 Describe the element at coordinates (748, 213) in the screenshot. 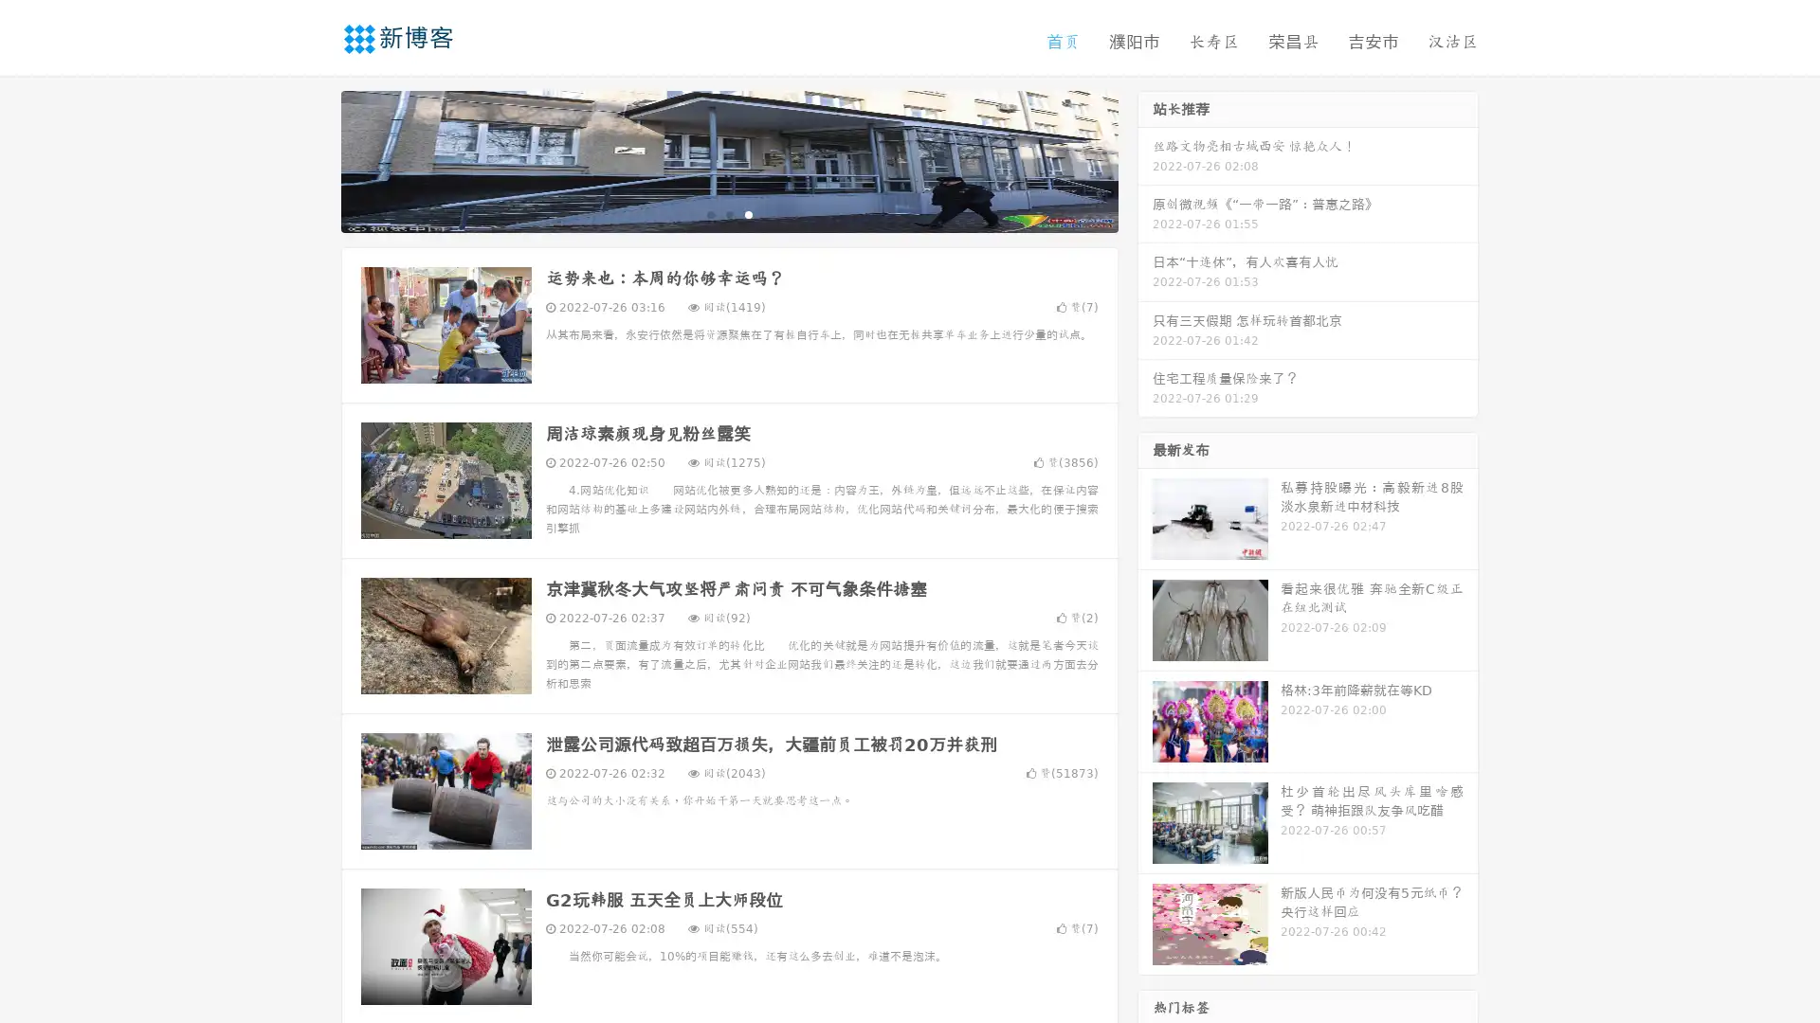

I see `Go to slide 3` at that location.